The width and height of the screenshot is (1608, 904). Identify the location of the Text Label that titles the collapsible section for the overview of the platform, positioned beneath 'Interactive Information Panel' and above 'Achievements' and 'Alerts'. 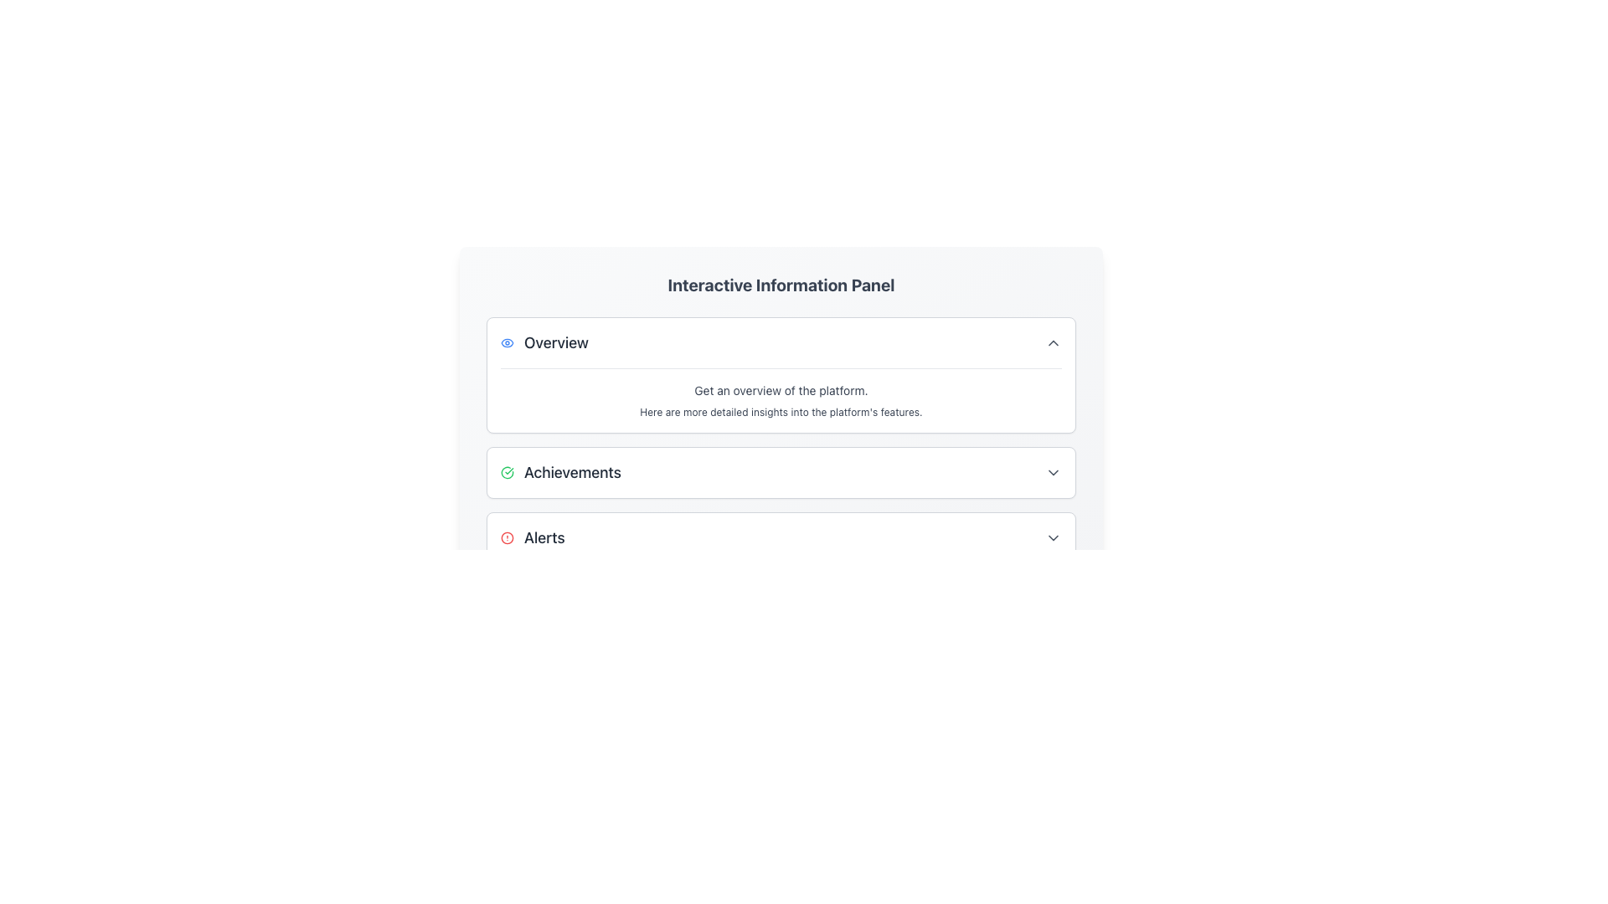
(556, 342).